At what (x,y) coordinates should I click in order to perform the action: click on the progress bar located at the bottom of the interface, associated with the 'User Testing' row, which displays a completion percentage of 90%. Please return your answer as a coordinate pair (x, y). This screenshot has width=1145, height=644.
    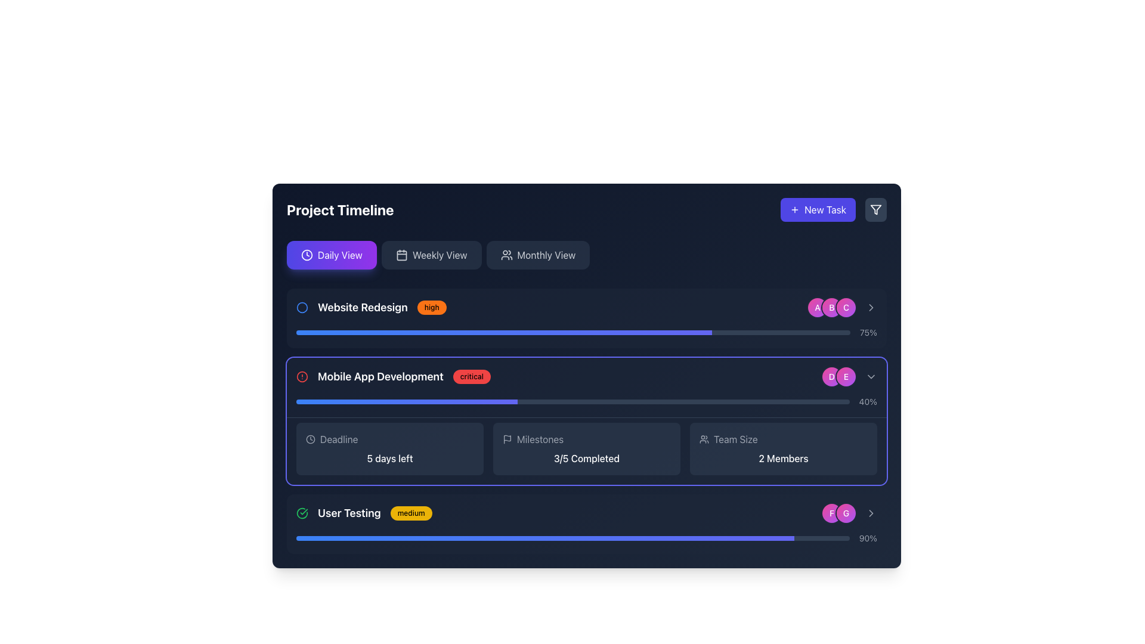
    Looking at the image, I should click on (572, 538).